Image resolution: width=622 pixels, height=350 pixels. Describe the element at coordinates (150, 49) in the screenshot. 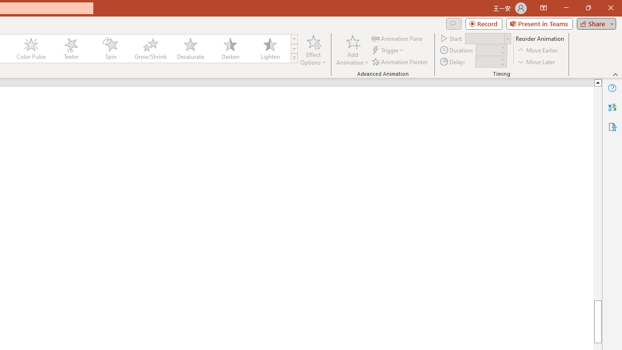

I see `'Grow/Shrink'` at that location.